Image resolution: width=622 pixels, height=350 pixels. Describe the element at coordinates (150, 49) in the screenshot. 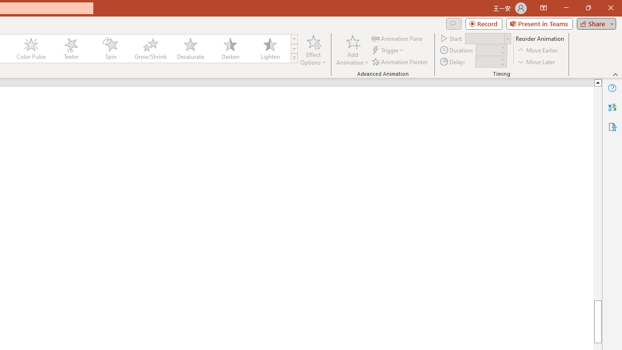

I see `'Grow/Shrink'` at that location.